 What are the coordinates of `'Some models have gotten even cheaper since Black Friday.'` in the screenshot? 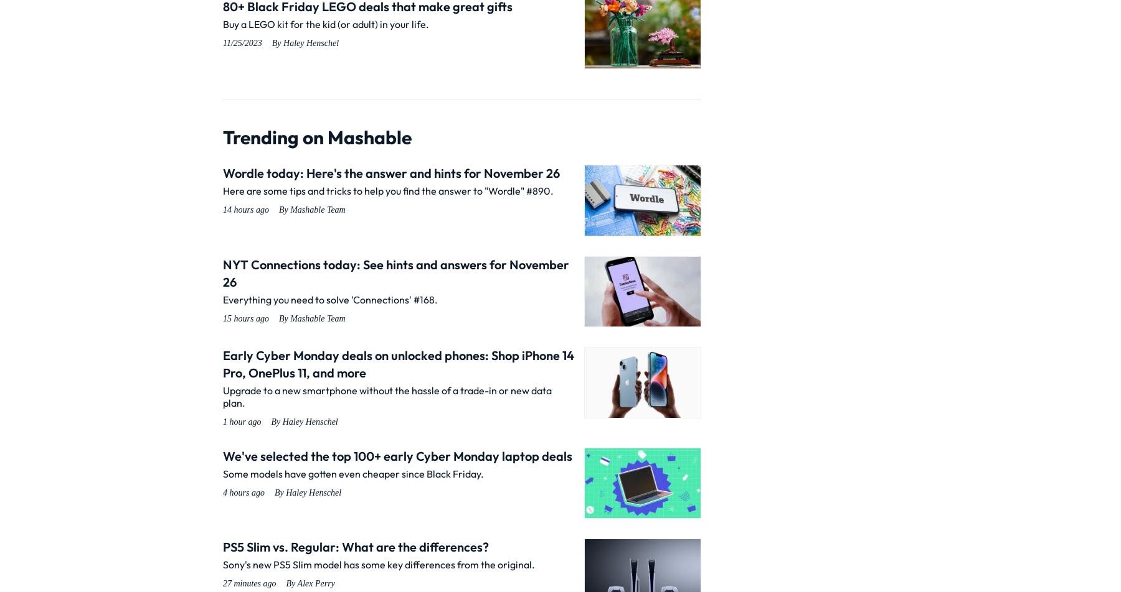 It's located at (353, 473).